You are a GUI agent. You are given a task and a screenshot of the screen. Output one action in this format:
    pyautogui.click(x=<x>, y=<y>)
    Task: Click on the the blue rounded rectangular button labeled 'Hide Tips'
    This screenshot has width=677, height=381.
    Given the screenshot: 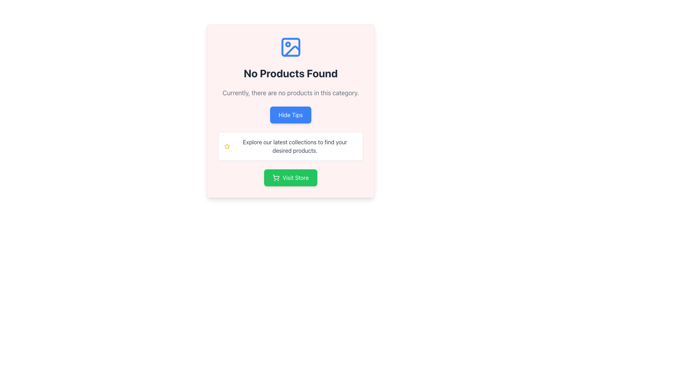 What is the action you would take?
    pyautogui.click(x=291, y=111)
    